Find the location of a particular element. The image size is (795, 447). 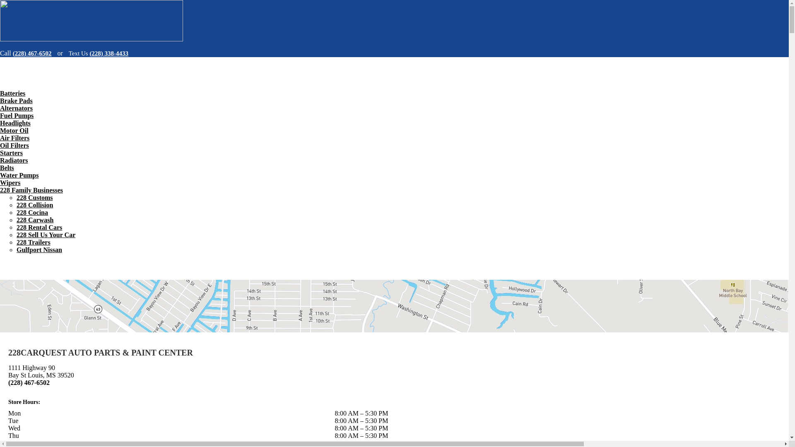

'228 Rental Cars' is located at coordinates (39, 227).